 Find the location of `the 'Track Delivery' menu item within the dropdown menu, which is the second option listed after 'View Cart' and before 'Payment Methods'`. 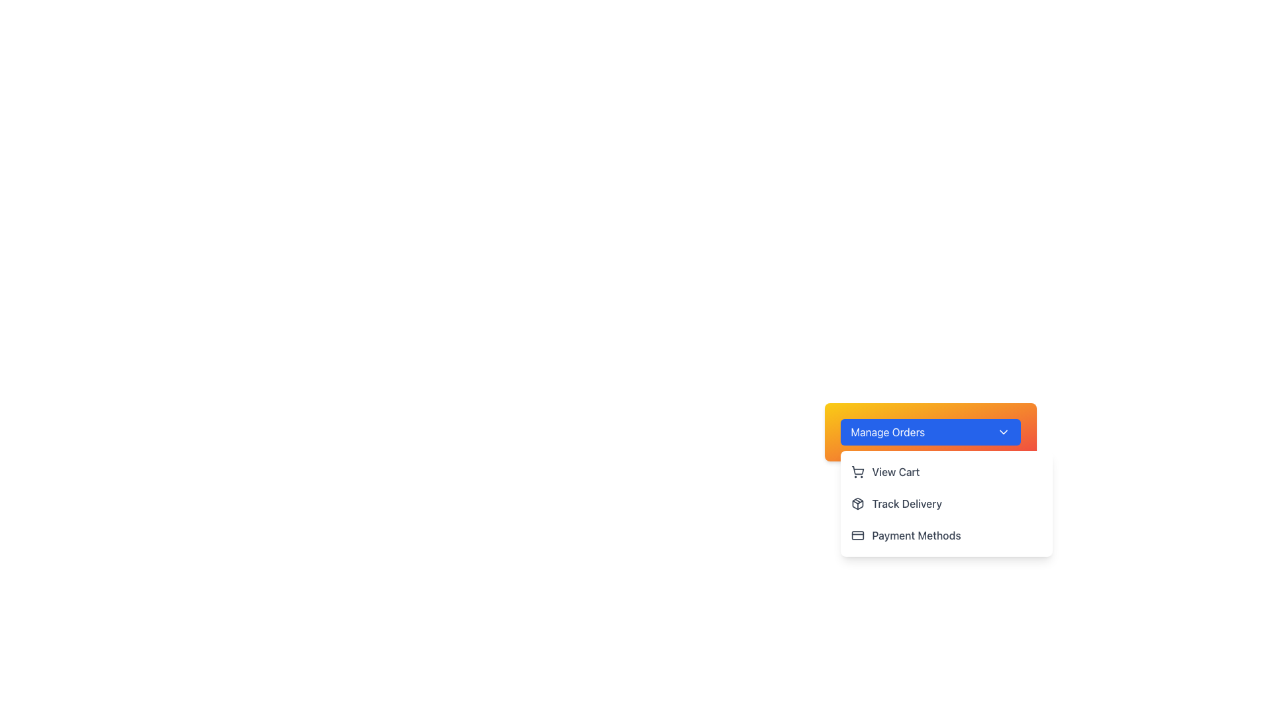

the 'Track Delivery' menu item within the dropdown menu, which is the second option listed after 'View Cart' and before 'Payment Methods' is located at coordinates (929, 522).